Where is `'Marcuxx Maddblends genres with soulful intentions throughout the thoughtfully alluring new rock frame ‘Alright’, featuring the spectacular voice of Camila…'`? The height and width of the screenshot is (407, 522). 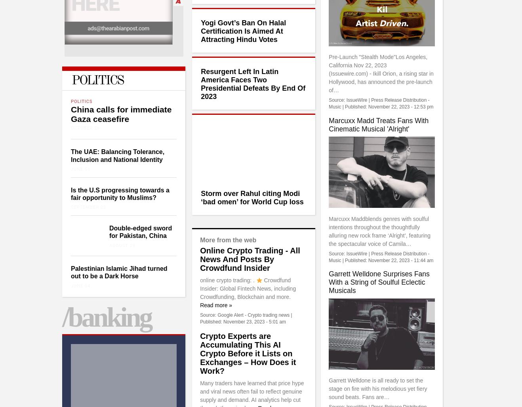 'Marcuxx Maddblends genres with soulful intentions throughout the thoughtfully alluring new rock frame ‘Alright’, featuring the spectacular voice of Camila…' is located at coordinates (379, 230).